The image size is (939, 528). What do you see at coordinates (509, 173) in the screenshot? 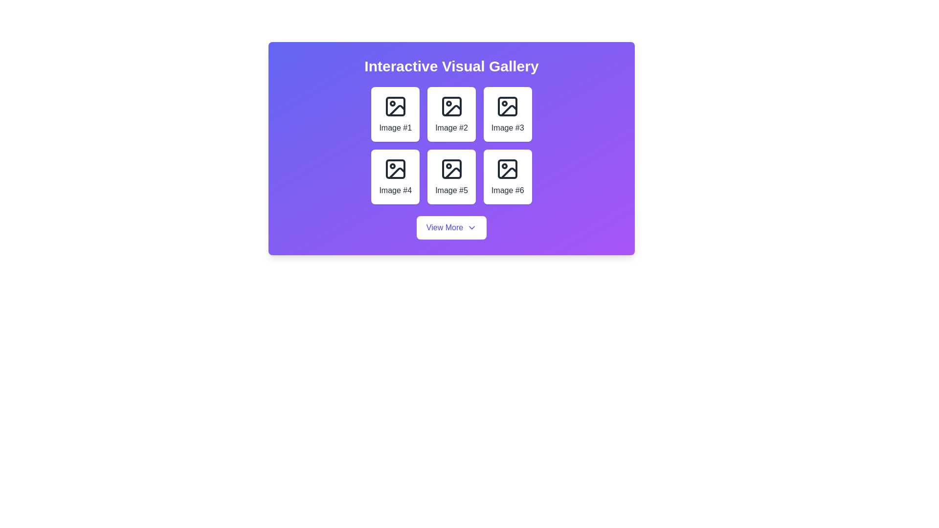
I see `the gallery cell containing the sixth icon` at bounding box center [509, 173].